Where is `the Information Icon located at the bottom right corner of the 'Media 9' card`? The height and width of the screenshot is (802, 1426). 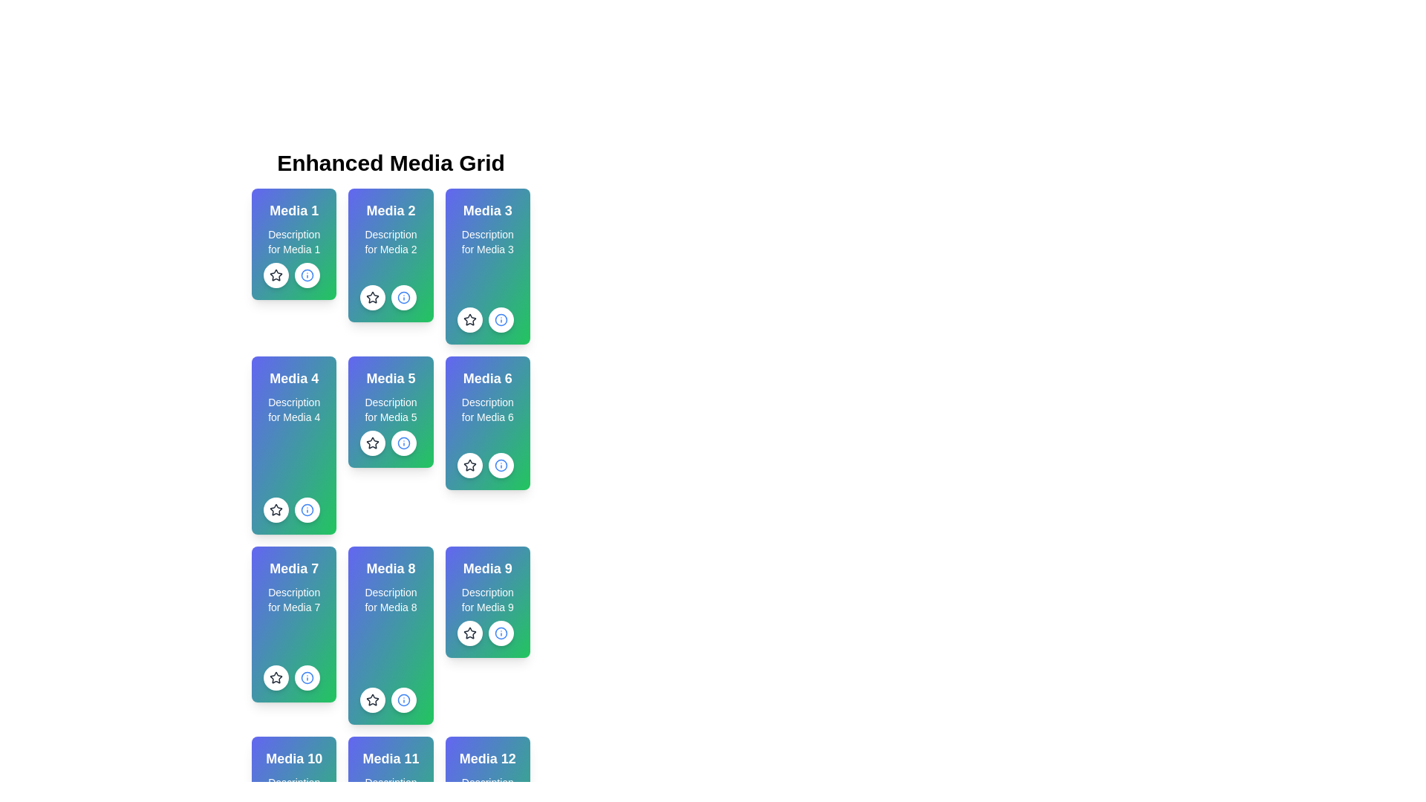
the Information Icon located at the bottom right corner of the 'Media 9' card is located at coordinates (501, 633).